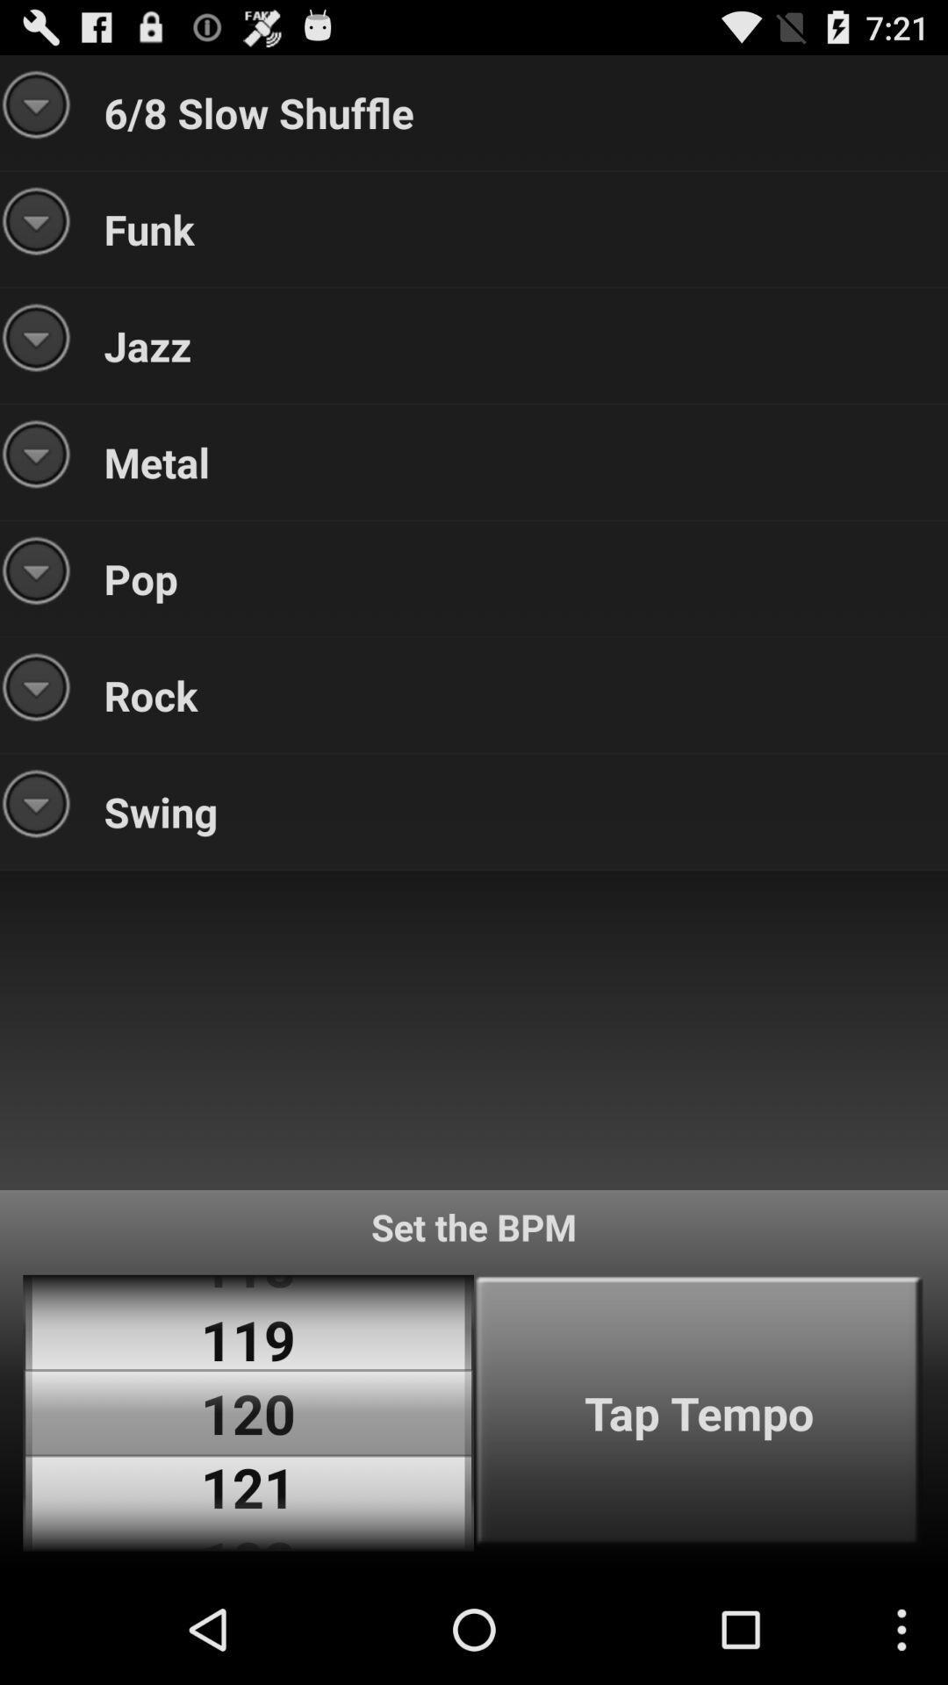 The width and height of the screenshot is (948, 1685). I want to click on tap tempo icon, so click(698, 1413).